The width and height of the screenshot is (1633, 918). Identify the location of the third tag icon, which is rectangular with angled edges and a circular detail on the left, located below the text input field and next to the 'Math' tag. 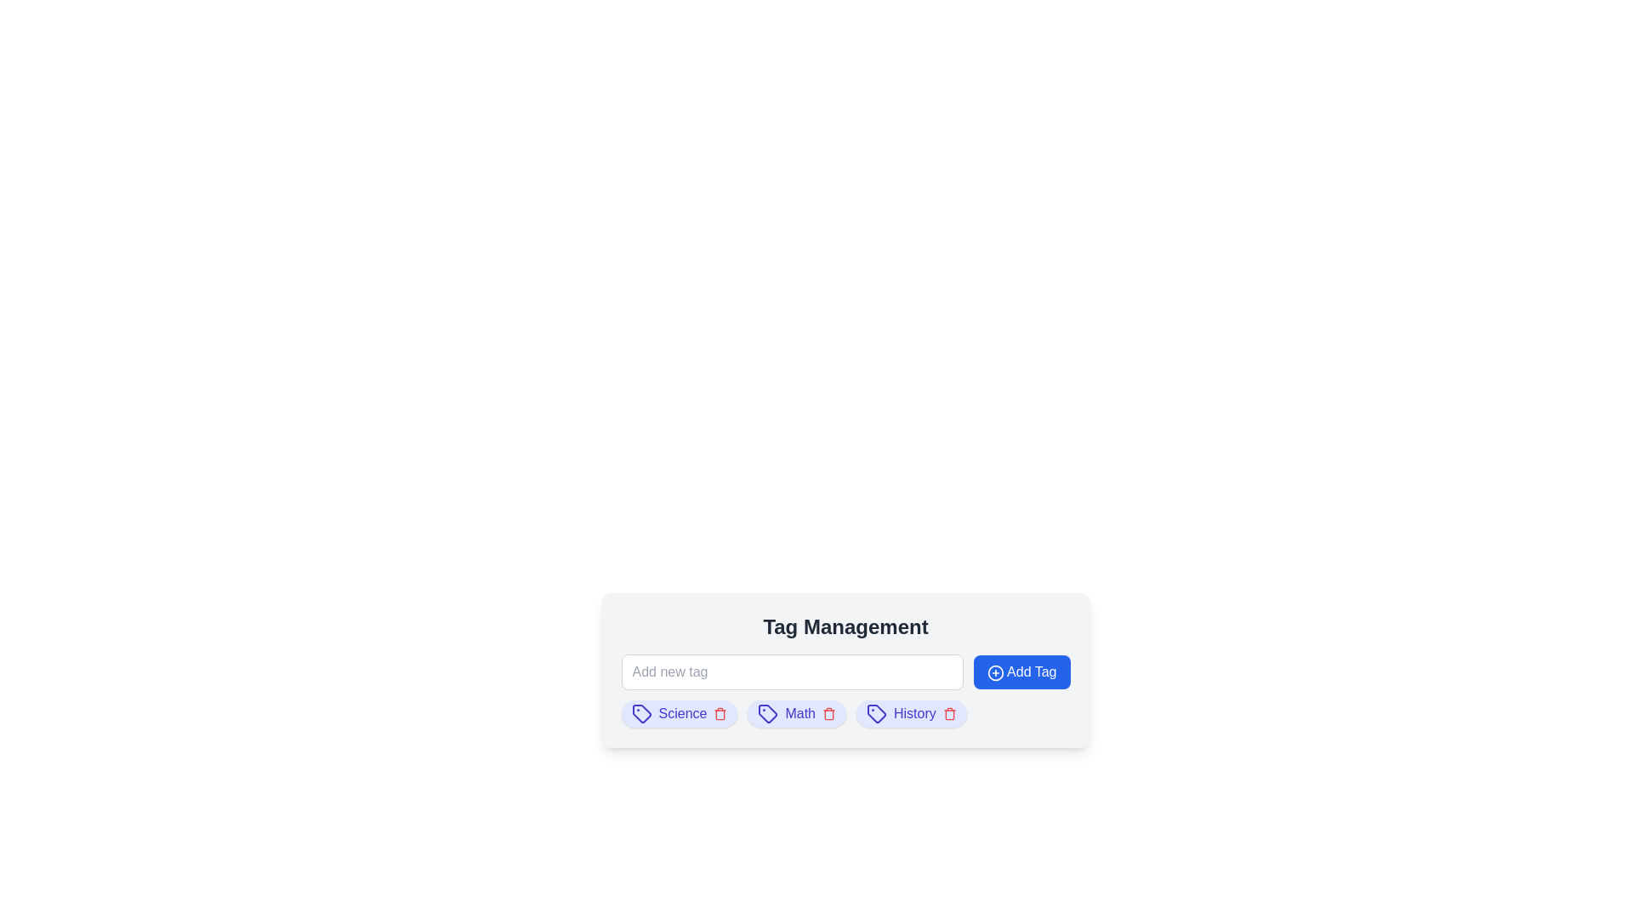
(876, 713).